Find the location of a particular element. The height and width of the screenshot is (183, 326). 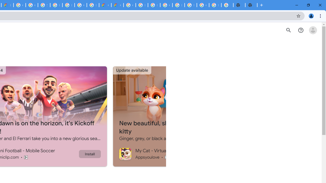

'Install' is located at coordinates (90, 154).